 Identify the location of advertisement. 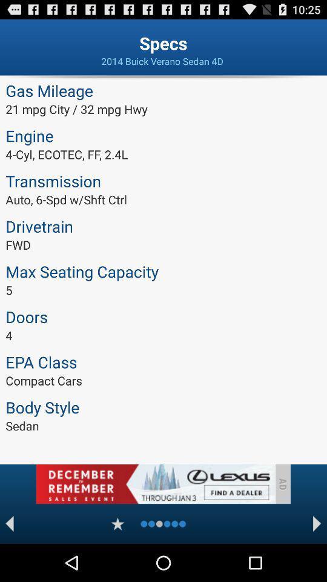
(155, 484).